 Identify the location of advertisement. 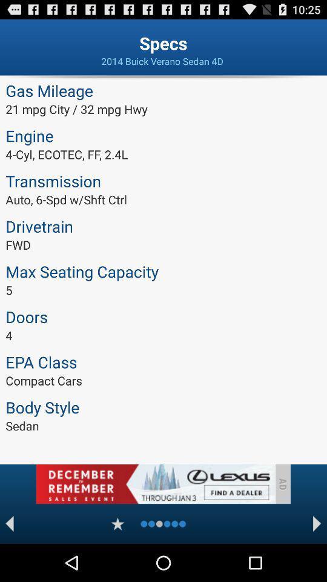
(155, 484).